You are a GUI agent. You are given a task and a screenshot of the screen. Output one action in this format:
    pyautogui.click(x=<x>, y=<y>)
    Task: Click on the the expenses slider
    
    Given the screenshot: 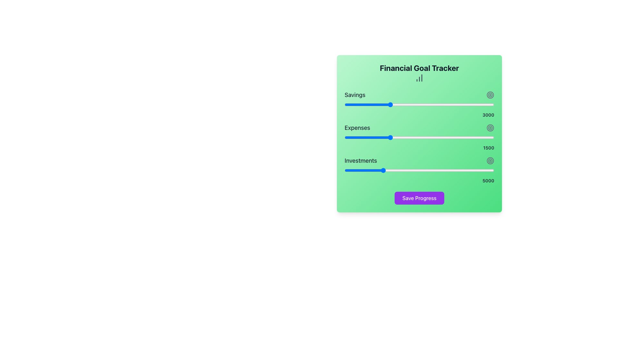 What is the action you would take?
    pyautogui.click(x=489, y=137)
    